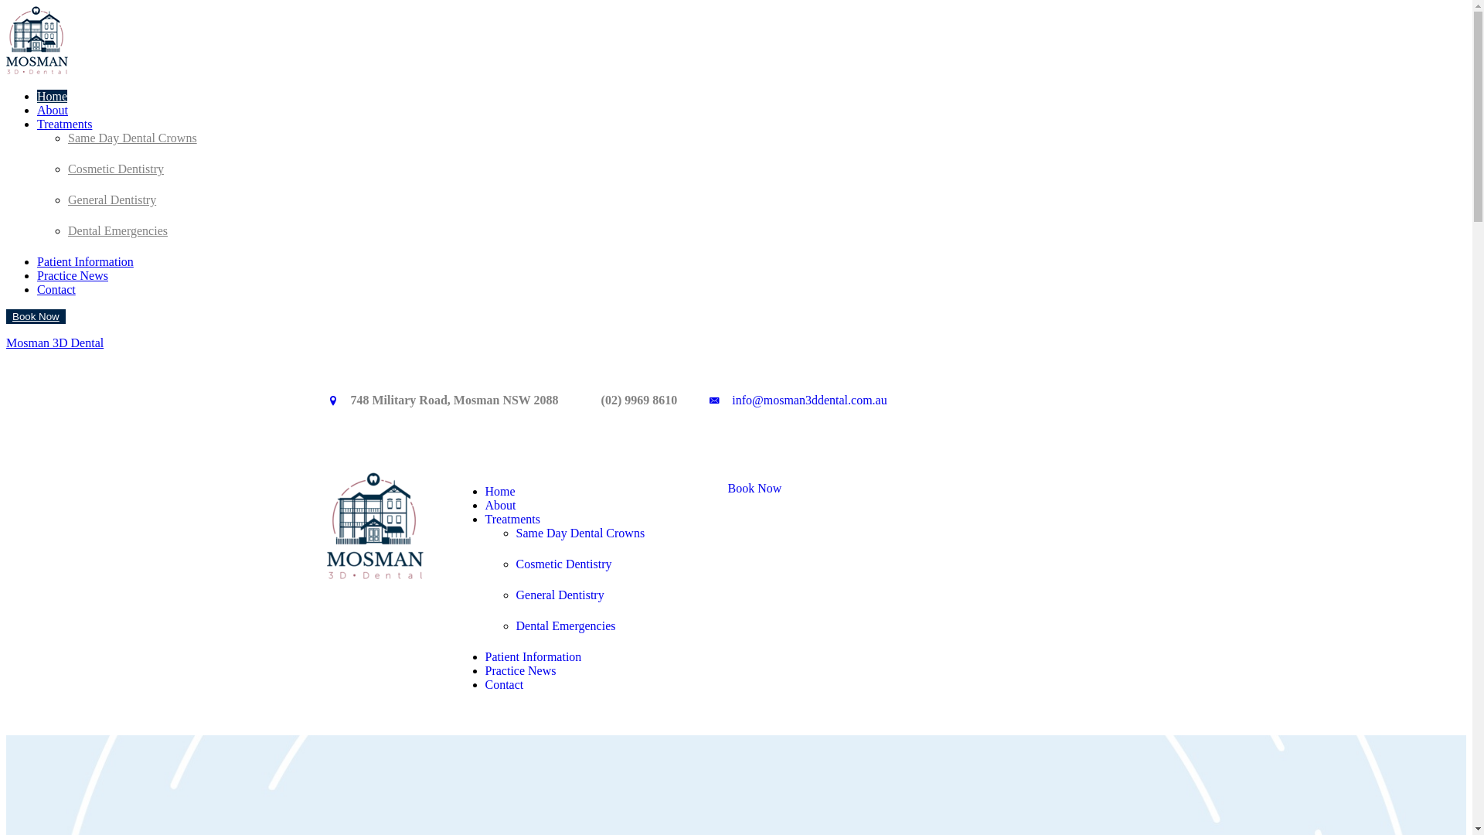 The width and height of the screenshot is (1484, 835). I want to click on 'Dental Emergencies', so click(516, 620).